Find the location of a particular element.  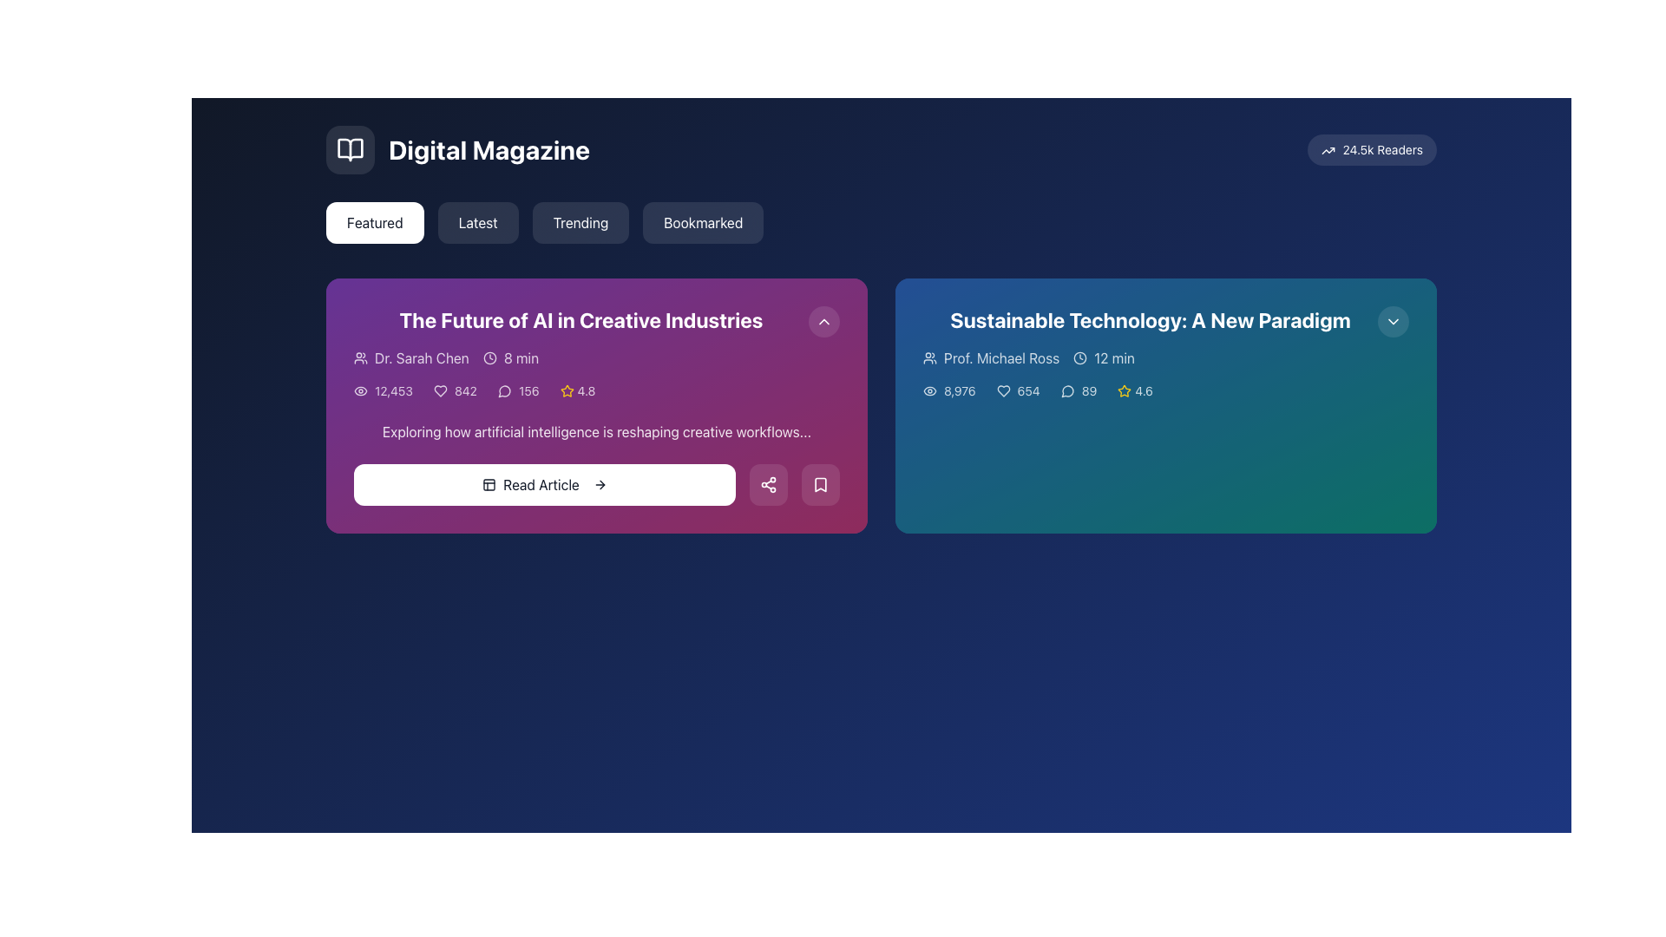

the bookmark icon located at the bottom-right corner of the card titled 'The Future of AI in Creative Industries' is located at coordinates (819, 485).